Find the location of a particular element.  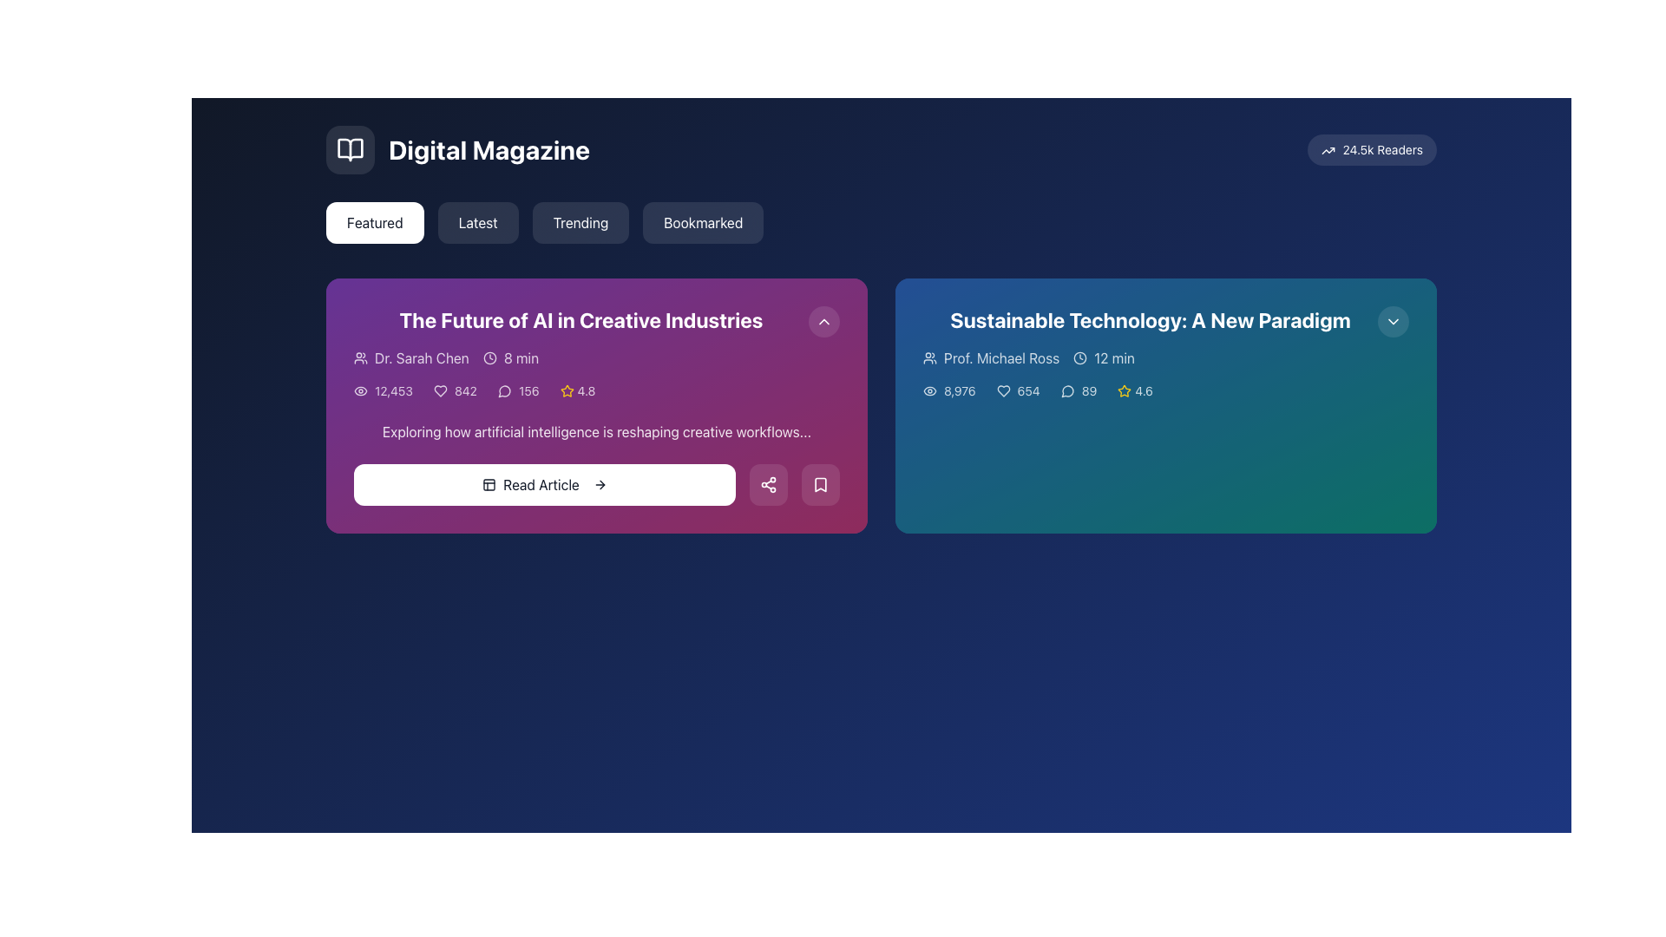

the bookmark icon located at the bottom-right corner of the card titled 'The Future of AI in Creative Industries' is located at coordinates (819, 485).